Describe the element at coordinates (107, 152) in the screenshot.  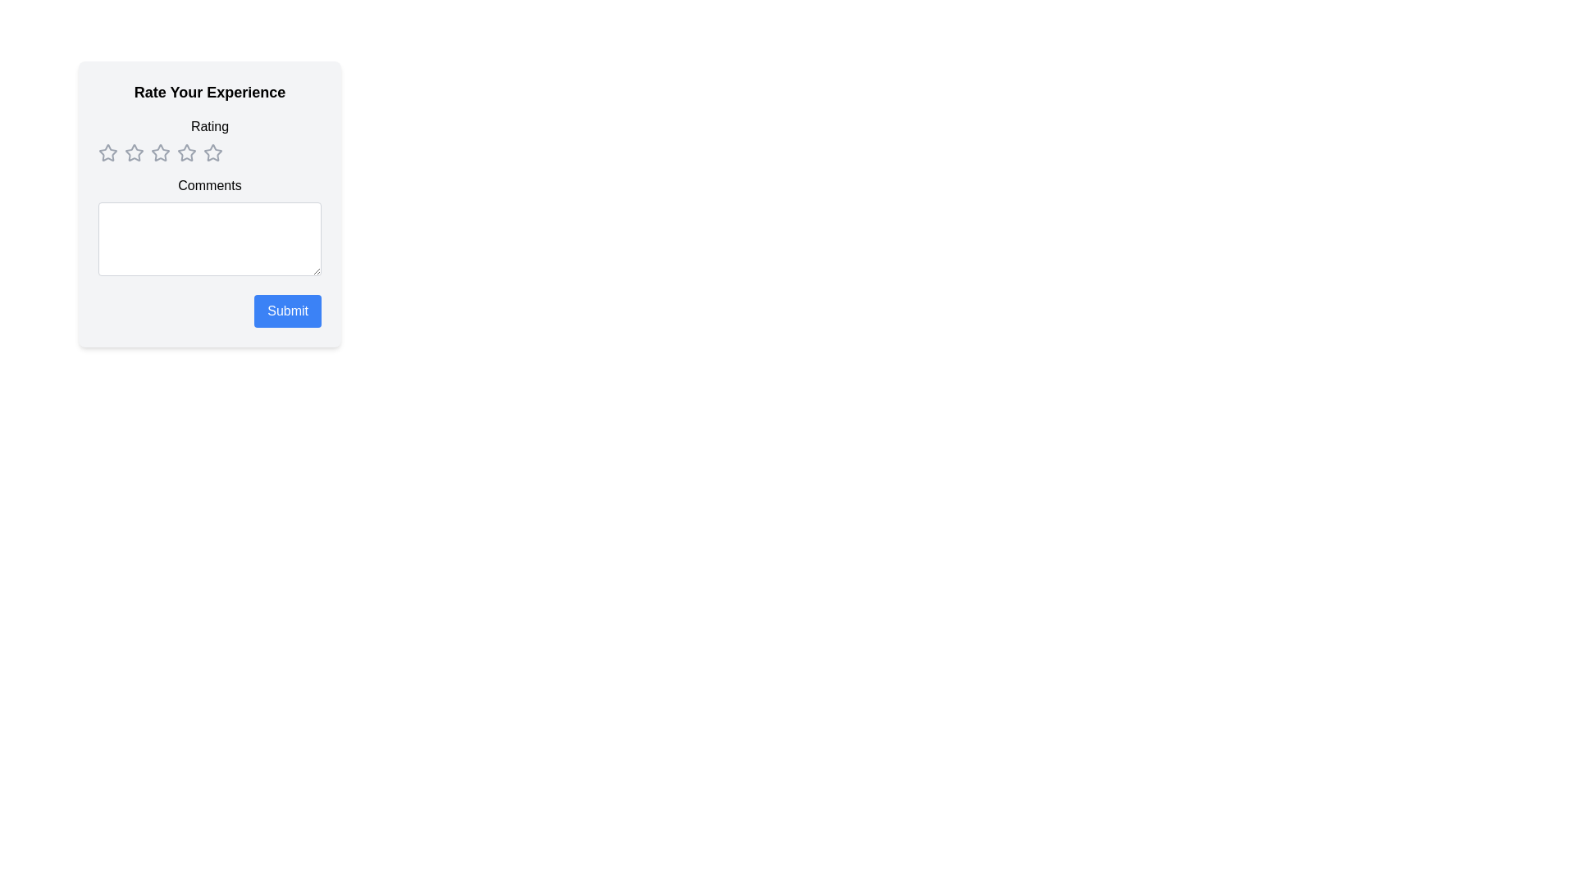
I see `the first star-shaped icon in the rating interface` at that location.